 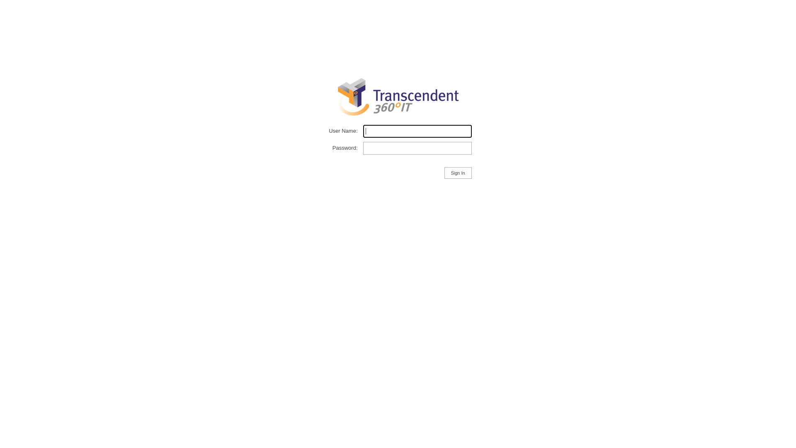 I want to click on 'Sign In', so click(x=444, y=172).